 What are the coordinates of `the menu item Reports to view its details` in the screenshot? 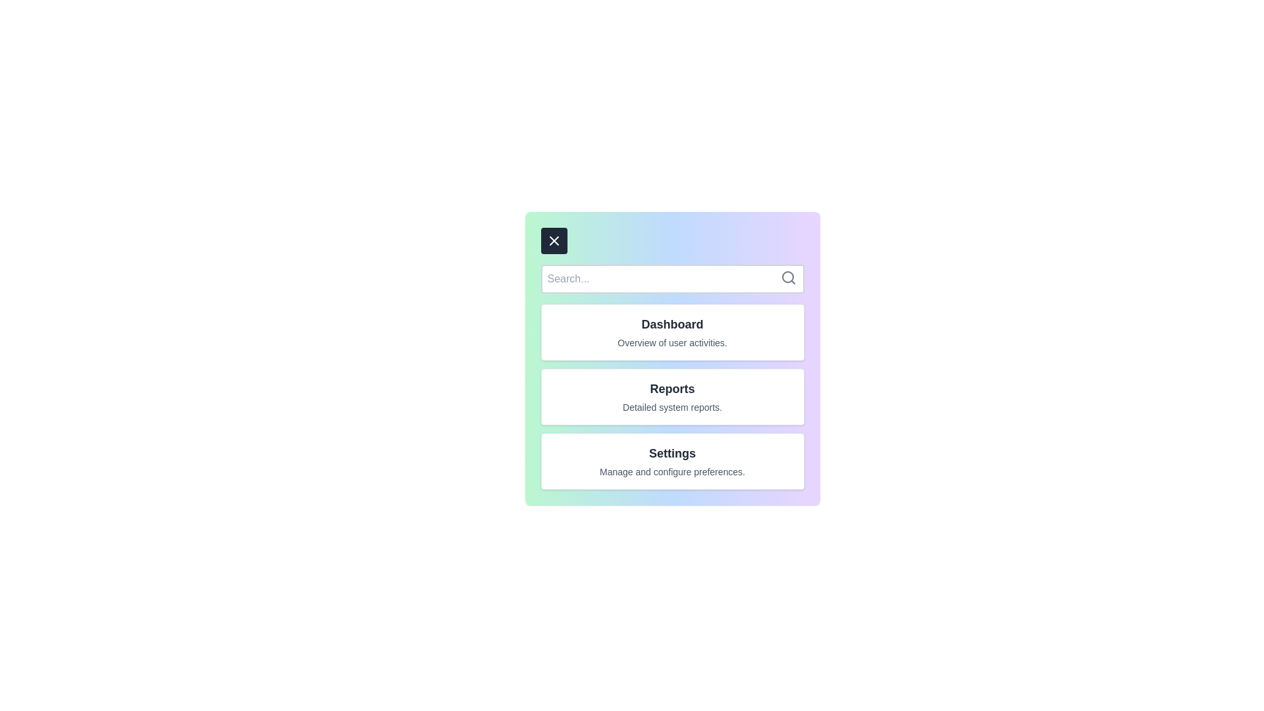 It's located at (672, 396).